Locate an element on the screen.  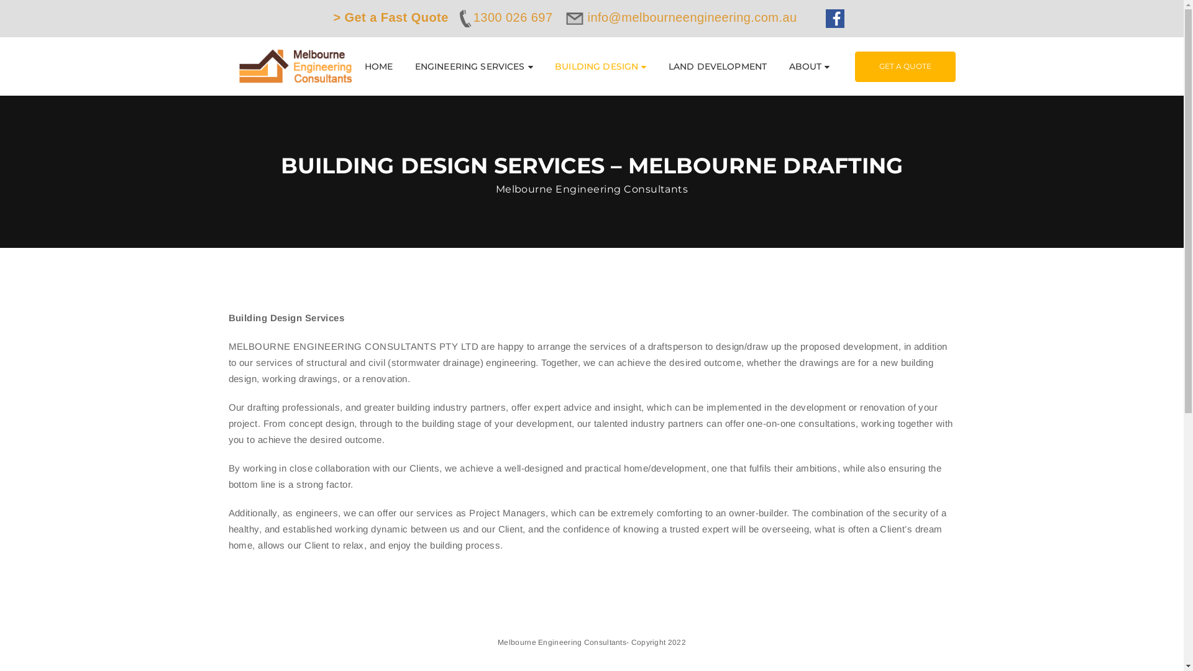
'BUILDING DESIGN' is located at coordinates (554, 66).